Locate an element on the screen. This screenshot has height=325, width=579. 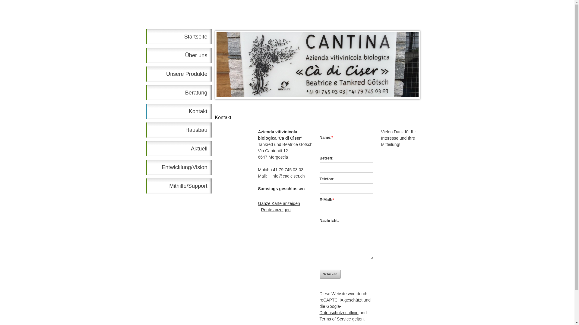
'Kontakt' is located at coordinates (145, 111).